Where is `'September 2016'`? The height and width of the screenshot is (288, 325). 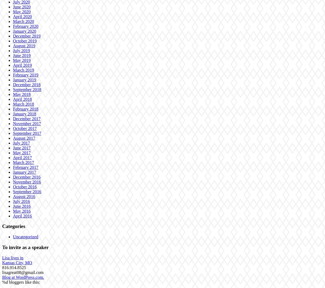
'September 2016' is located at coordinates (27, 191).